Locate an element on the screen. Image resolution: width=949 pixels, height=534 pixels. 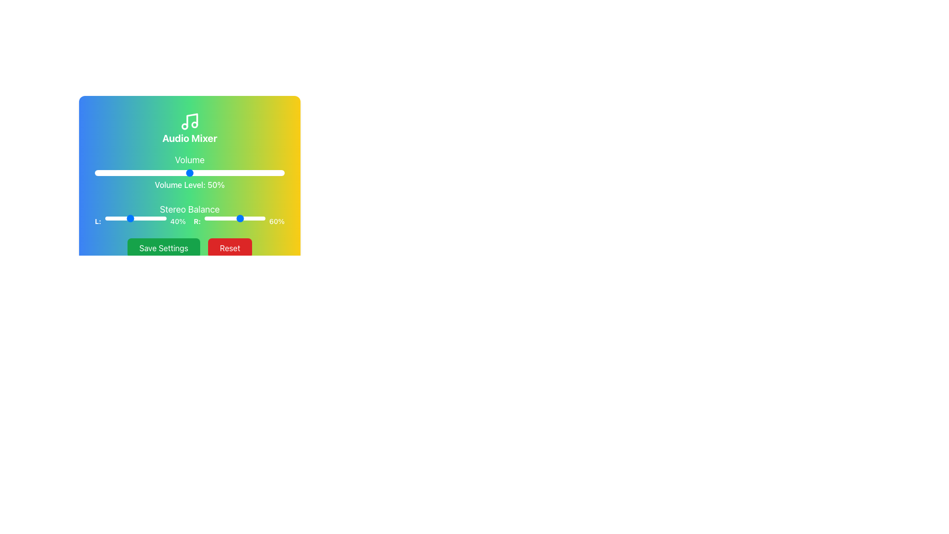
the slider is located at coordinates (115, 218).